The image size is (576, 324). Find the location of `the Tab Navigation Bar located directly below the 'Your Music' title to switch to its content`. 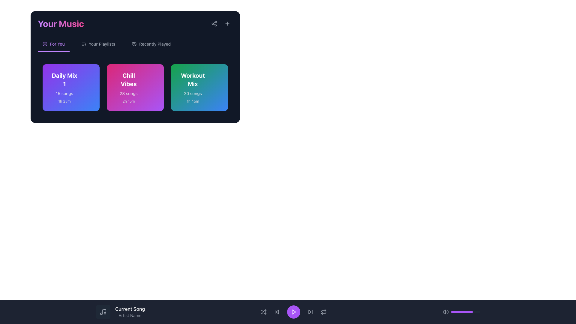

the Tab Navigation Bar located directly below the 'Your Music' title to switch to its content is located at coordinates (135, 46).